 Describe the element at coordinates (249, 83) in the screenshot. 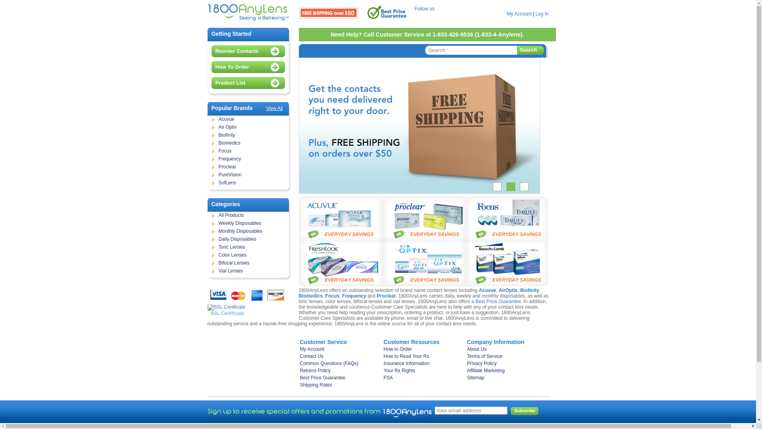

I see `'Product List'` at that location.